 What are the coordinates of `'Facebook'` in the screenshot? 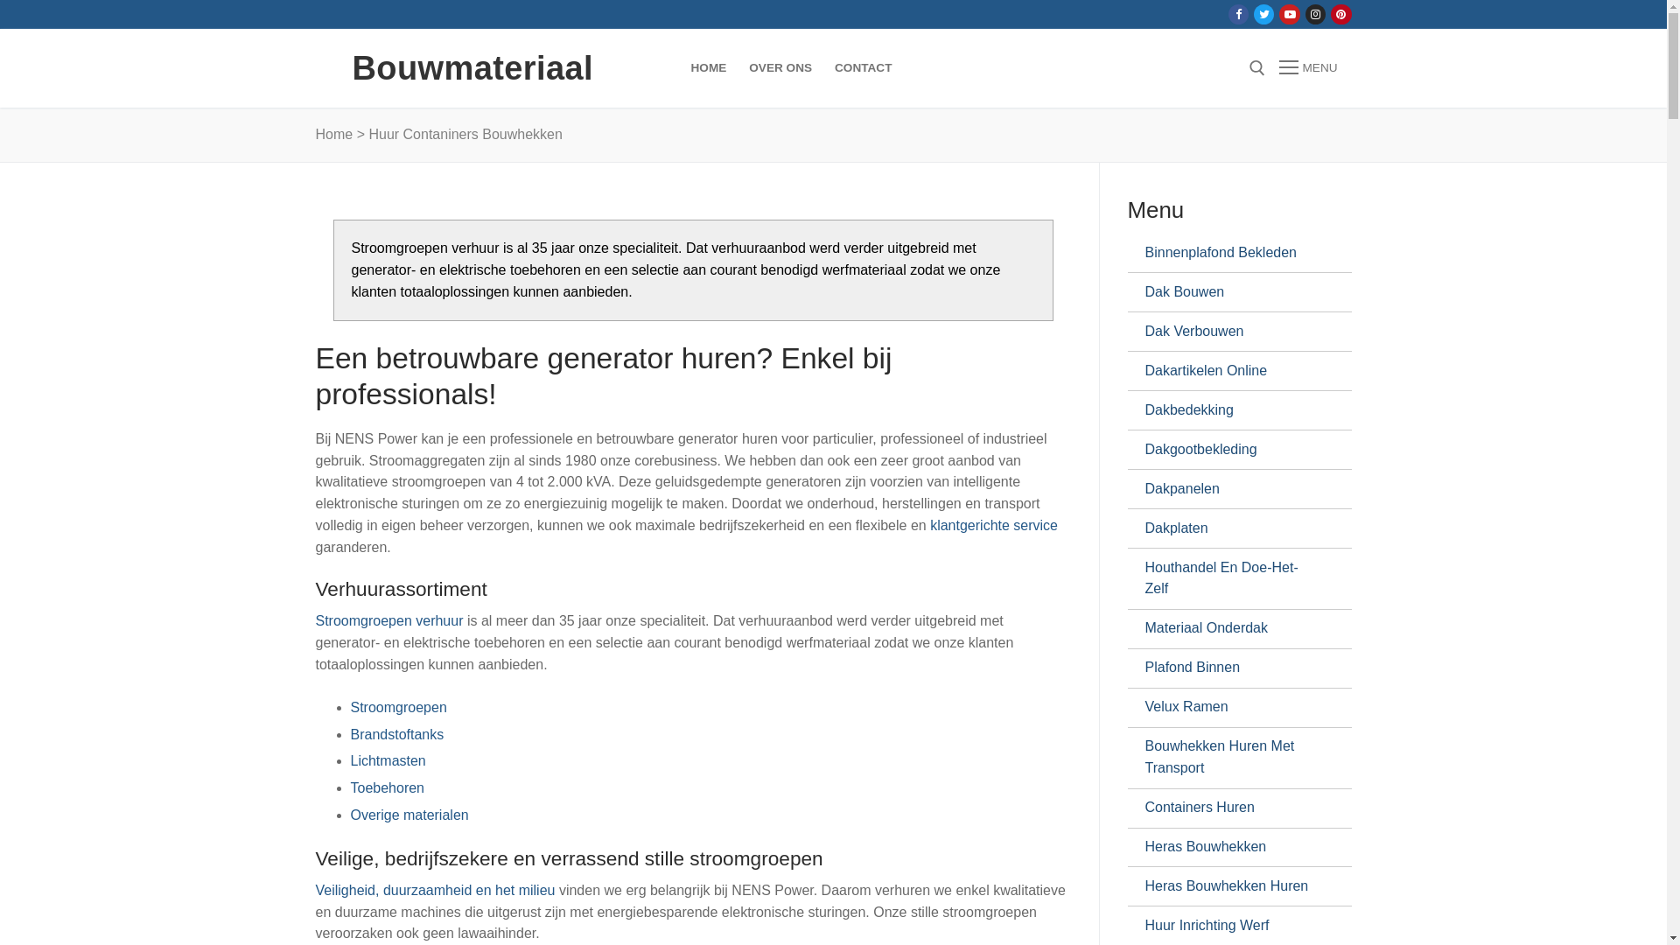 It's located at (1237, 14).